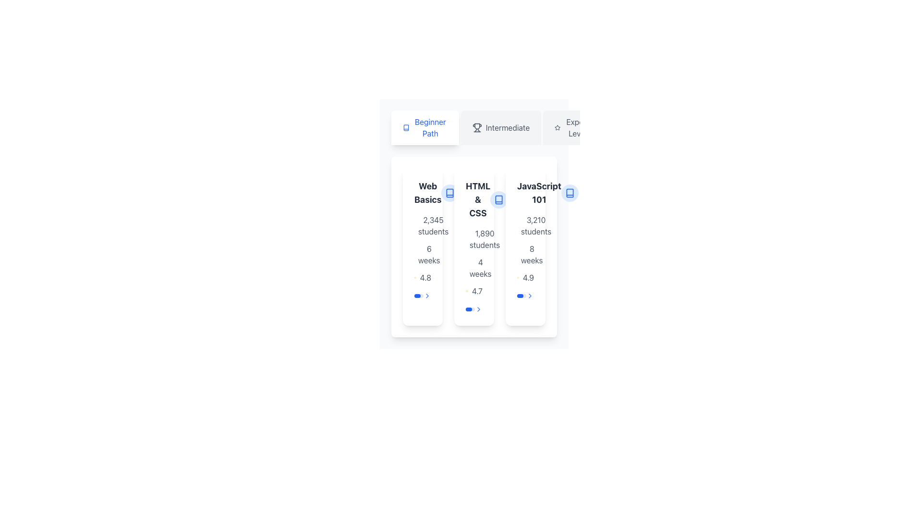  I want to click on the informational text block that provides details about the course 'Web Basics', so click(423, 248).